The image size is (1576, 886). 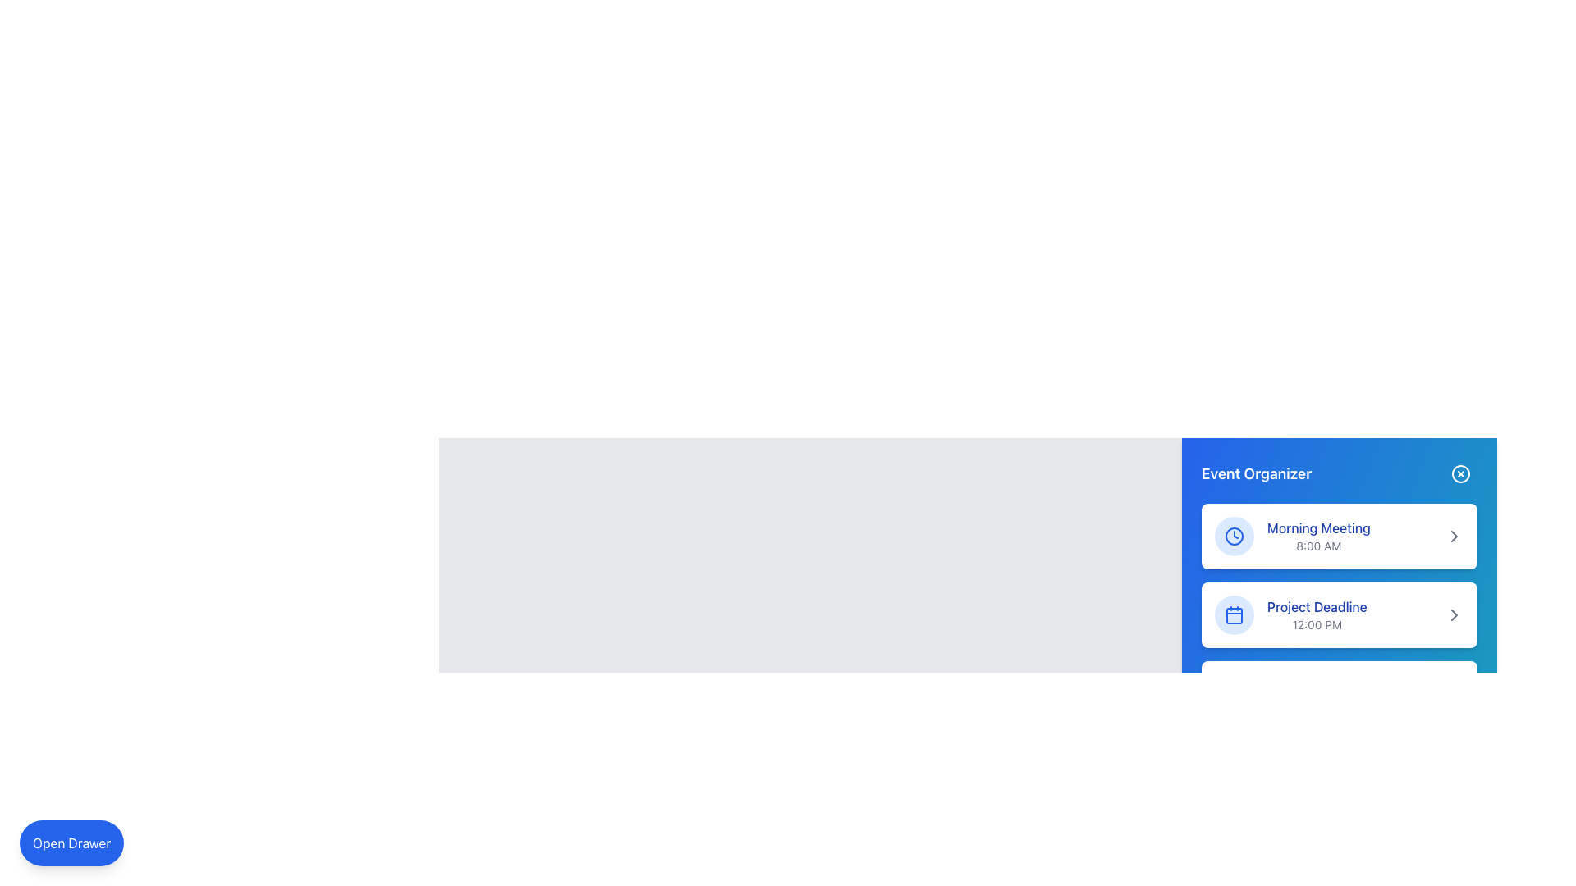 I want to click on the button located at the bottom-left corner of the interface to outline it, so click(x=71, y=843).